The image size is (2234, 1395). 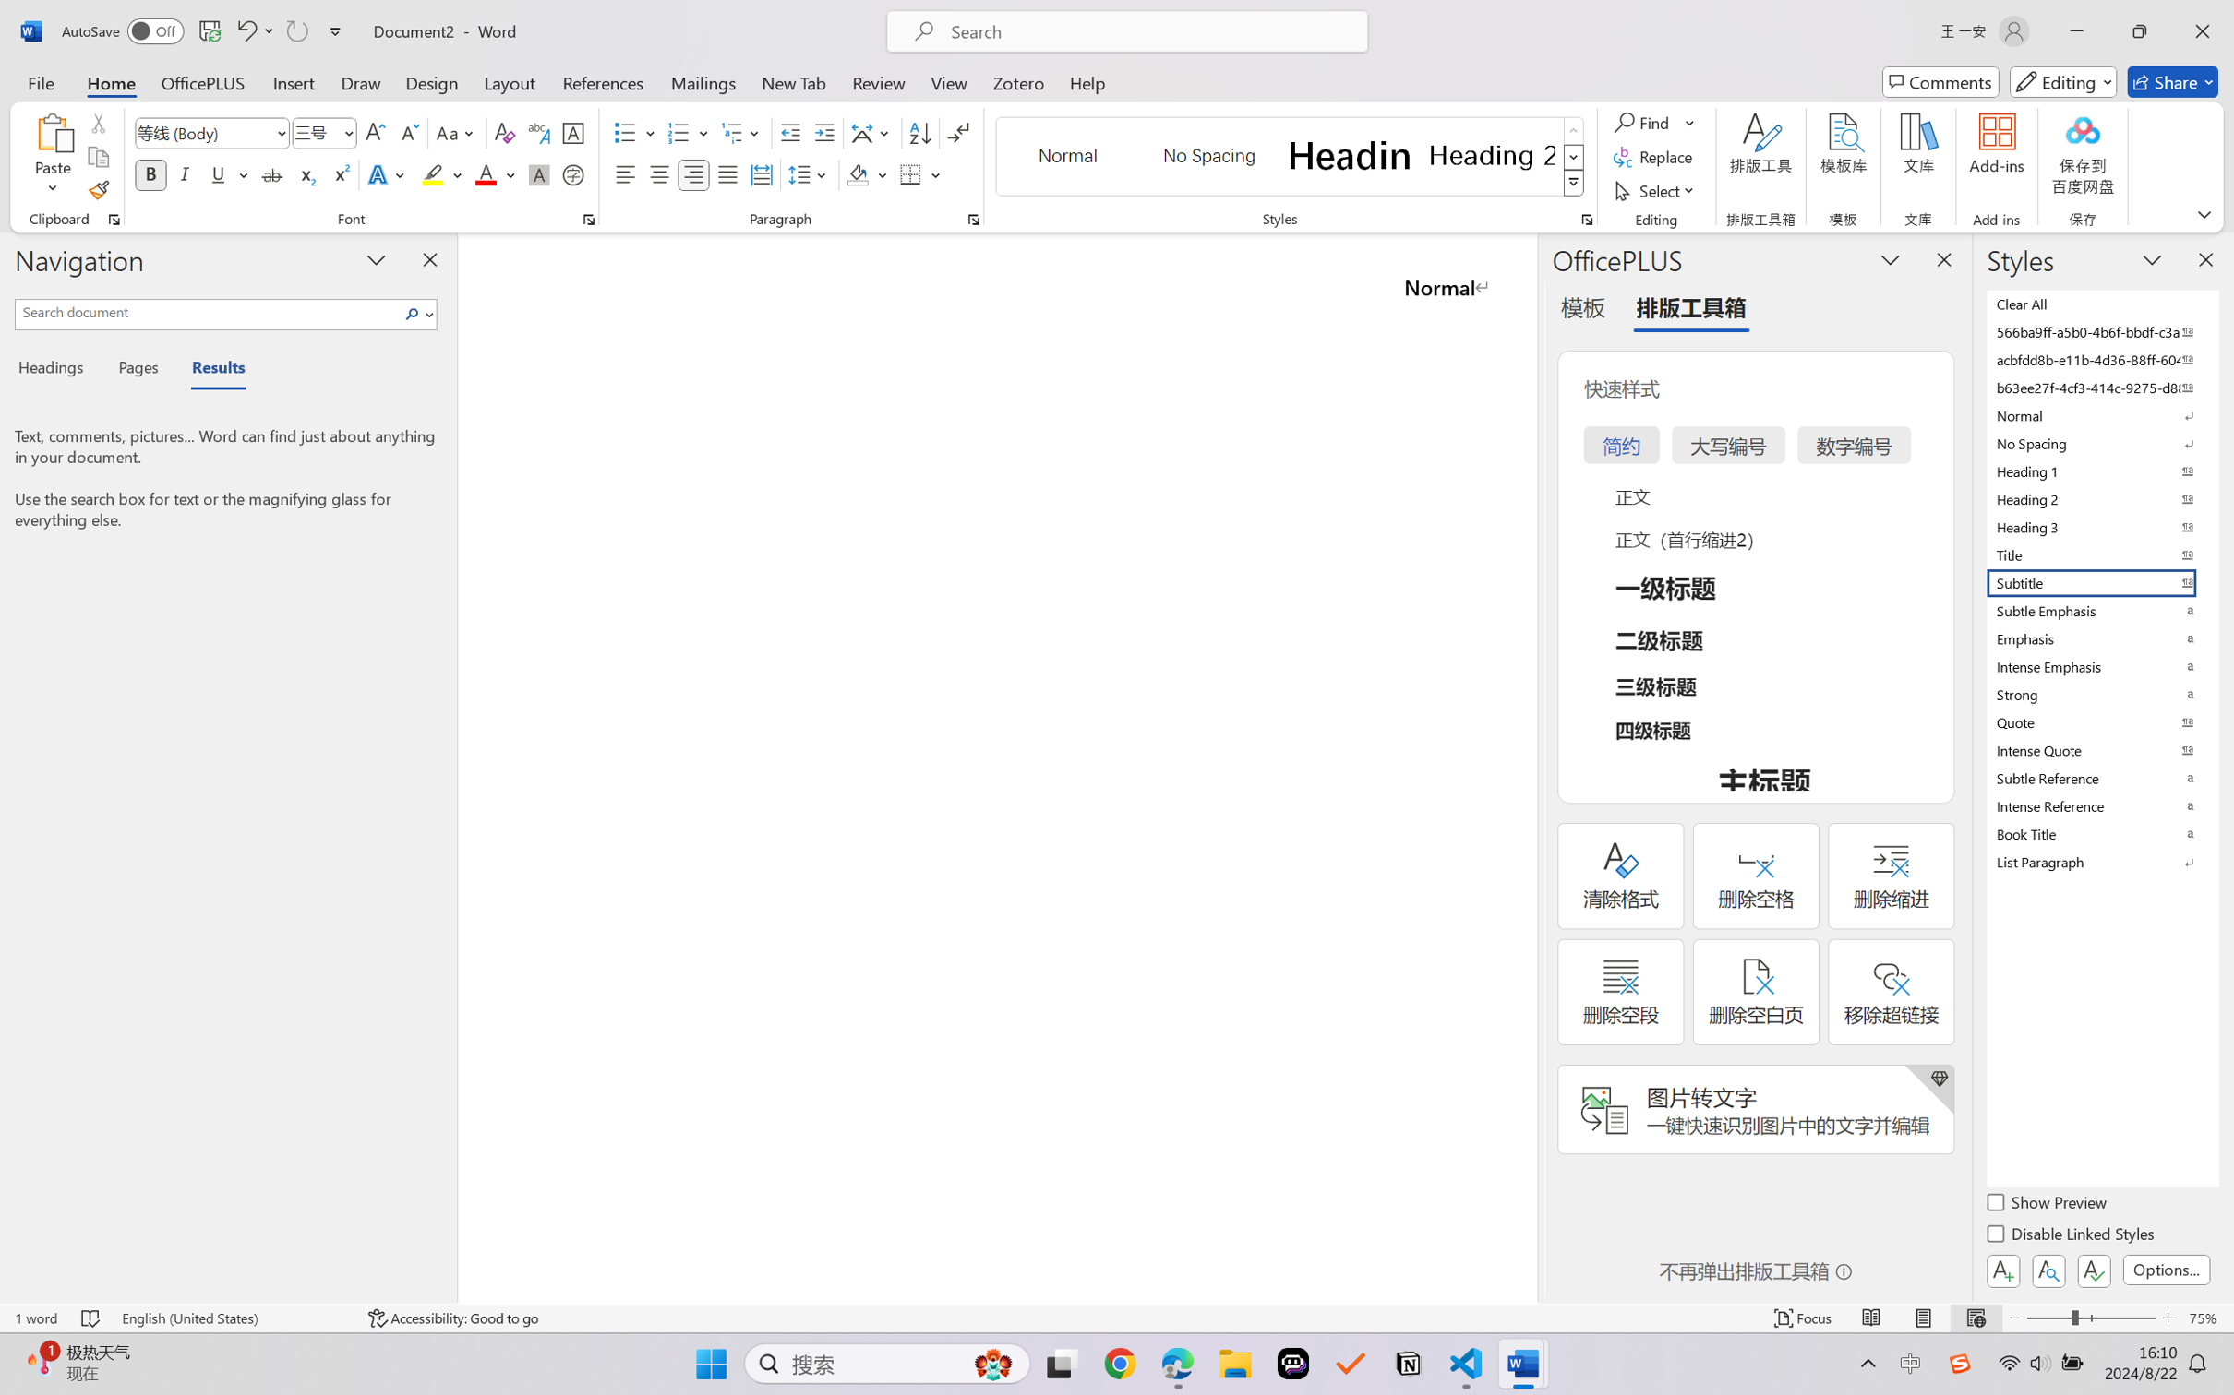 I want to click on 'Styles', so click(x=1572, y=183).